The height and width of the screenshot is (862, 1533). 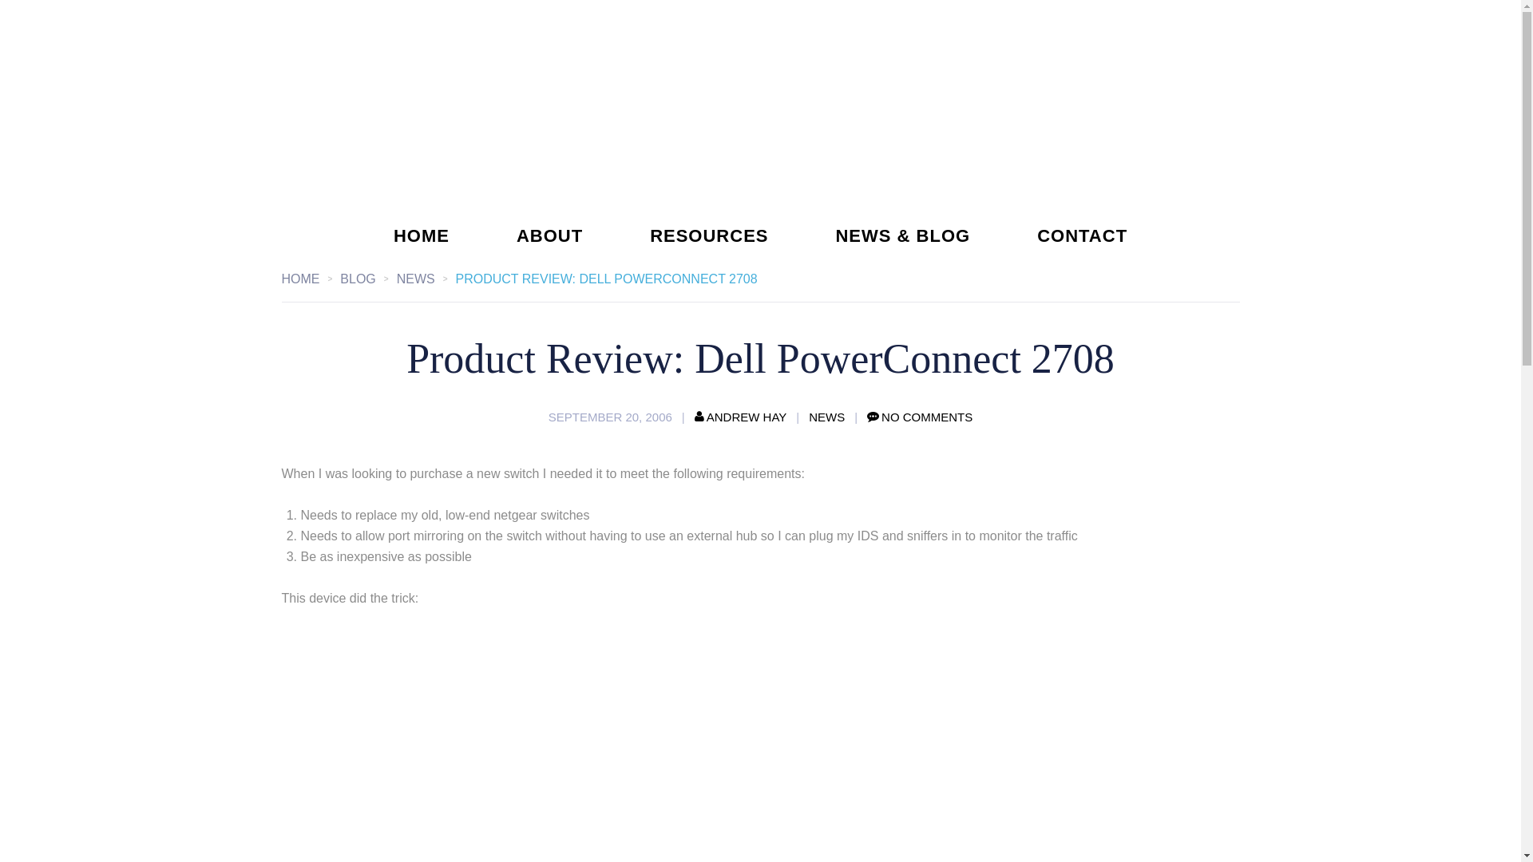 What do you see at coordinates (426, 278) in the screenshot?
I see `'NEWS'` at bounding box center [426, 278].